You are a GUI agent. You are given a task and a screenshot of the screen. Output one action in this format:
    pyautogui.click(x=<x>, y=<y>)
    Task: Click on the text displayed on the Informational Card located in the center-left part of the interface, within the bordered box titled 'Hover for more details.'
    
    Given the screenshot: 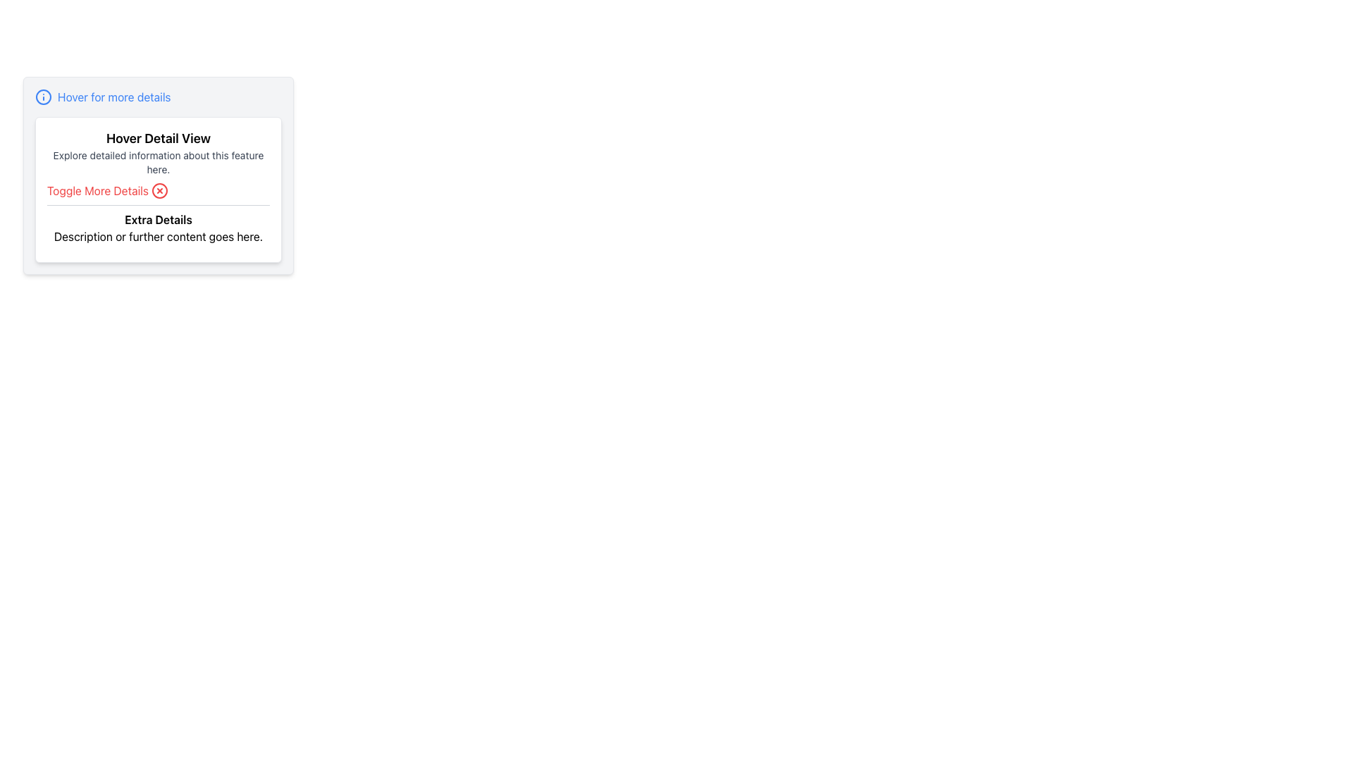 What is the action you would take?
    pyautogui.click(x=159, y=189)
    